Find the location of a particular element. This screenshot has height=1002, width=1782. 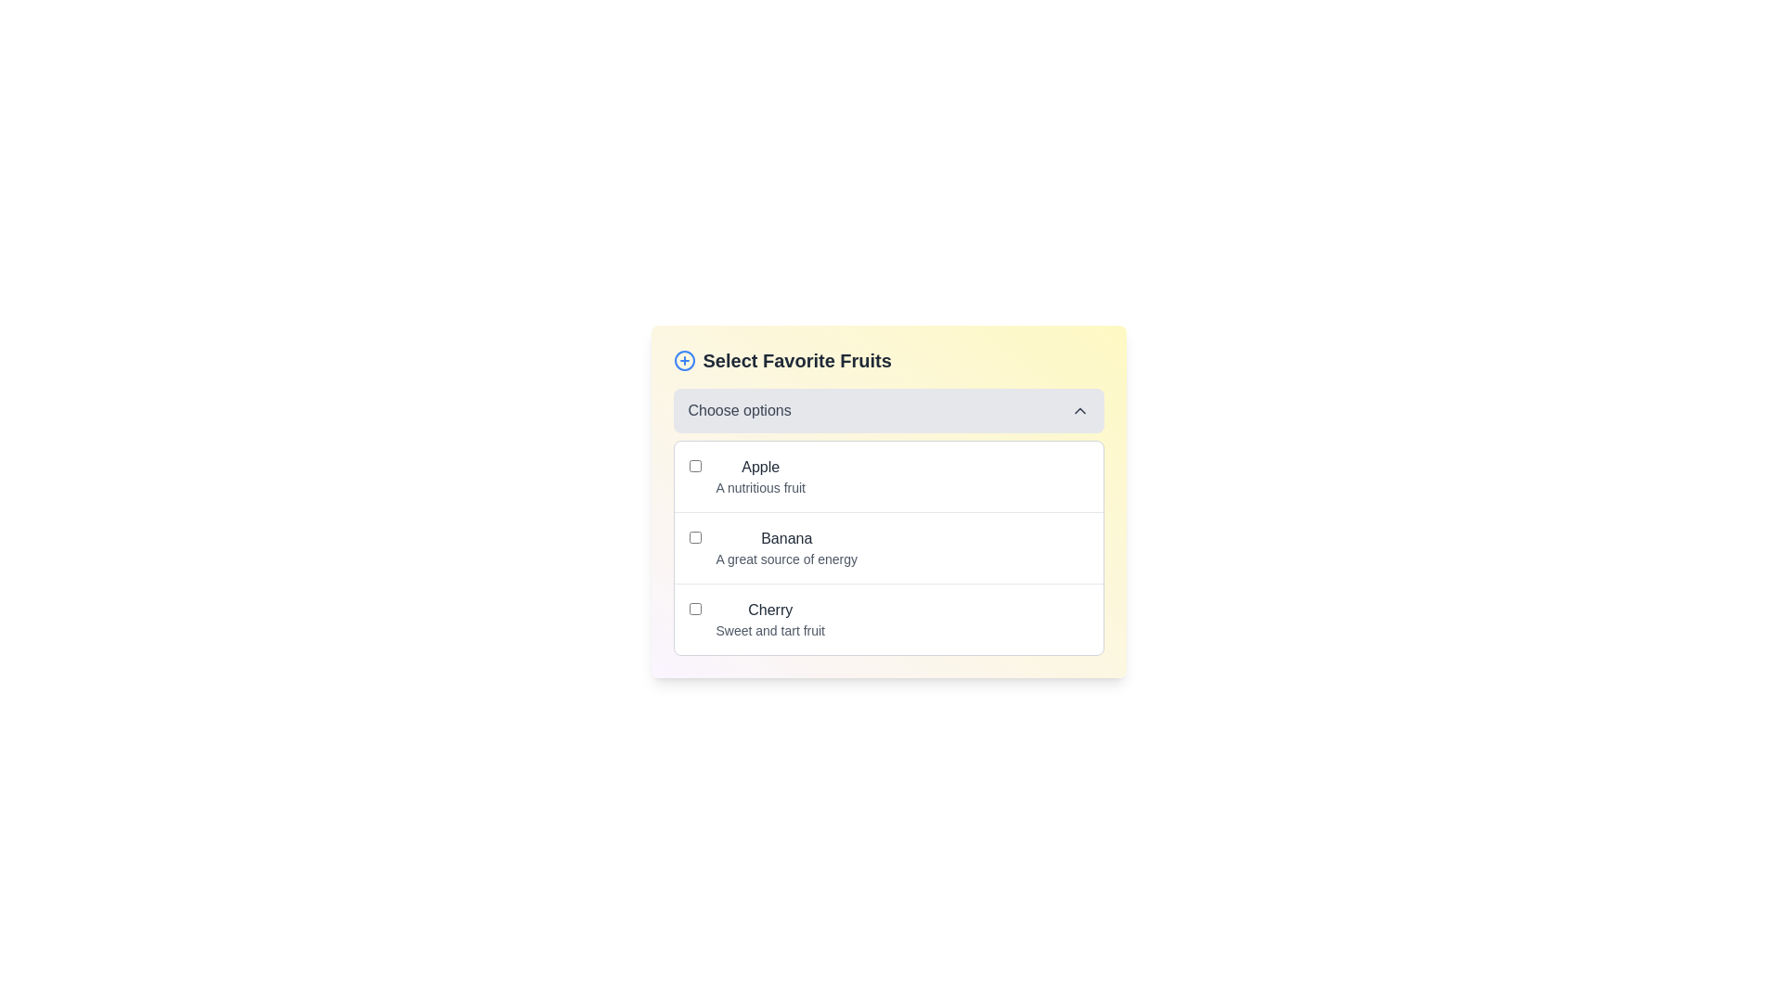

the textual element displaying 'A great source of energy', which is positioned below the 'Banana' option in the dropdown list is located at coordinates (786, 558).